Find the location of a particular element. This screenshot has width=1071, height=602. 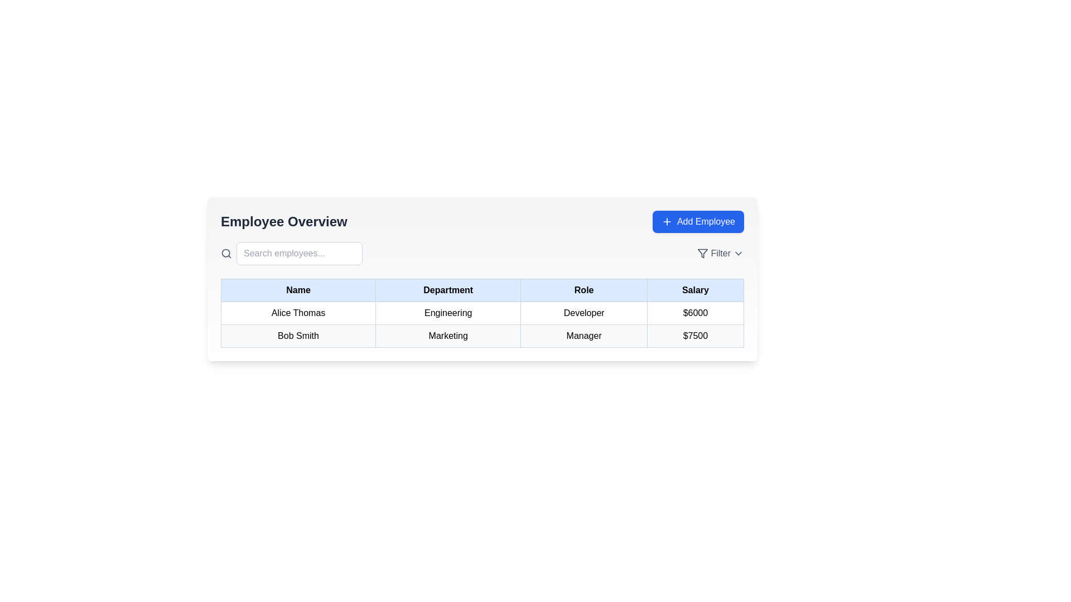

the Text display field that contains the text 'Bob Smith', styled with a border and padding, located in the second row of a table under the 'Name' column is located at coordinates (298, 335).